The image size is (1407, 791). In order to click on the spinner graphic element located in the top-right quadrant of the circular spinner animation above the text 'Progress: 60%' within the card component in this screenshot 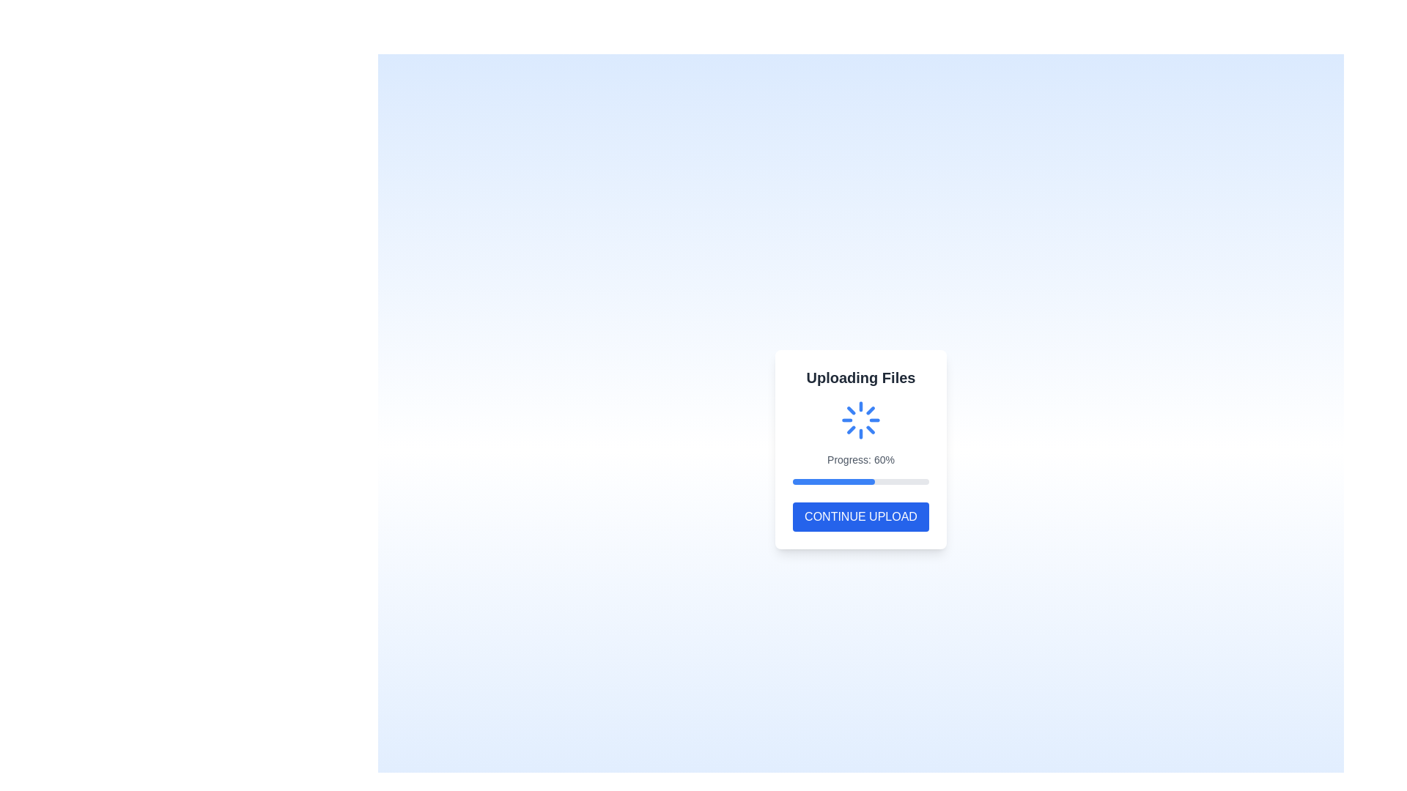, I will do `click(873, 426)`.